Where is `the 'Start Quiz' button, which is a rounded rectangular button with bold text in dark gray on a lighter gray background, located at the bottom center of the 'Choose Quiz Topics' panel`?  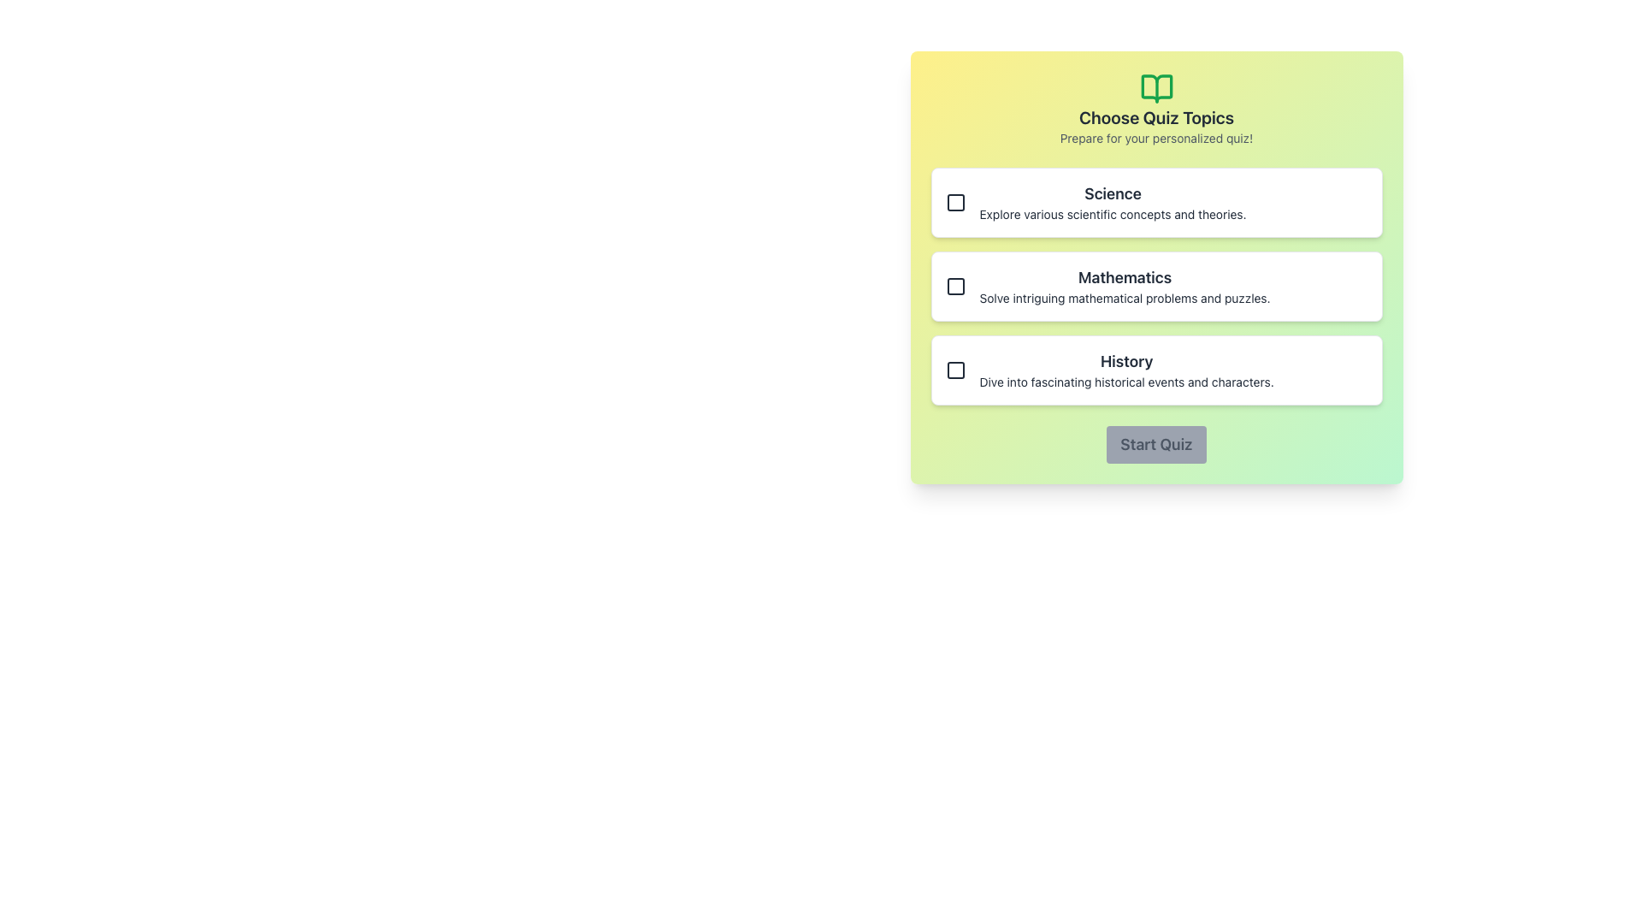
the 'Start Quiz' button, which is a rounded rectangular button with bold text in dark gray on a lighter gray background, located at the bottom center of the 'Choose Quiz Topics' panel is located at coordinates (1156, 444).